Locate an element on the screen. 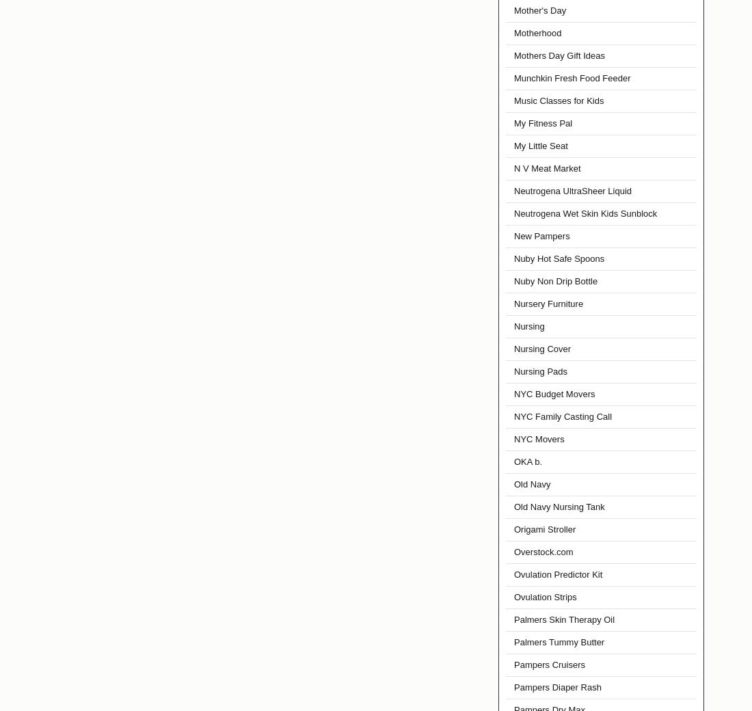  'Mother's Day' is located at coordinates (540, 10).